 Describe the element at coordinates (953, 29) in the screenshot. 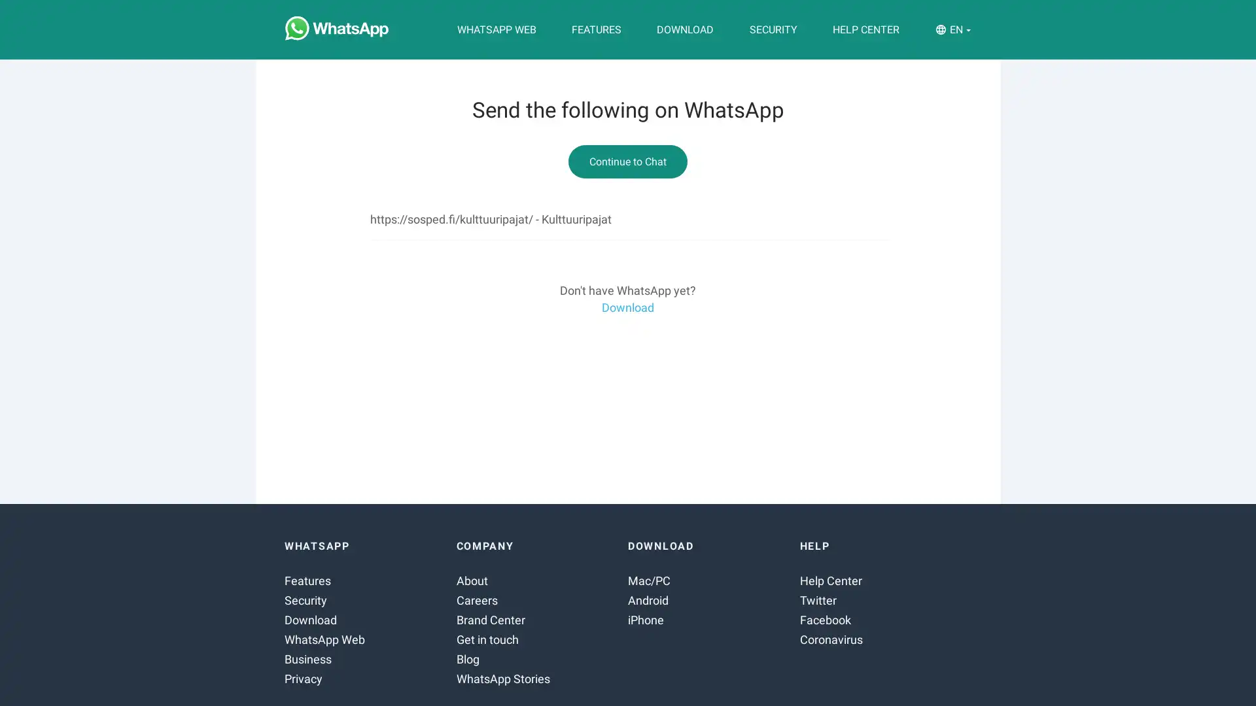

I see `EN` at that location.